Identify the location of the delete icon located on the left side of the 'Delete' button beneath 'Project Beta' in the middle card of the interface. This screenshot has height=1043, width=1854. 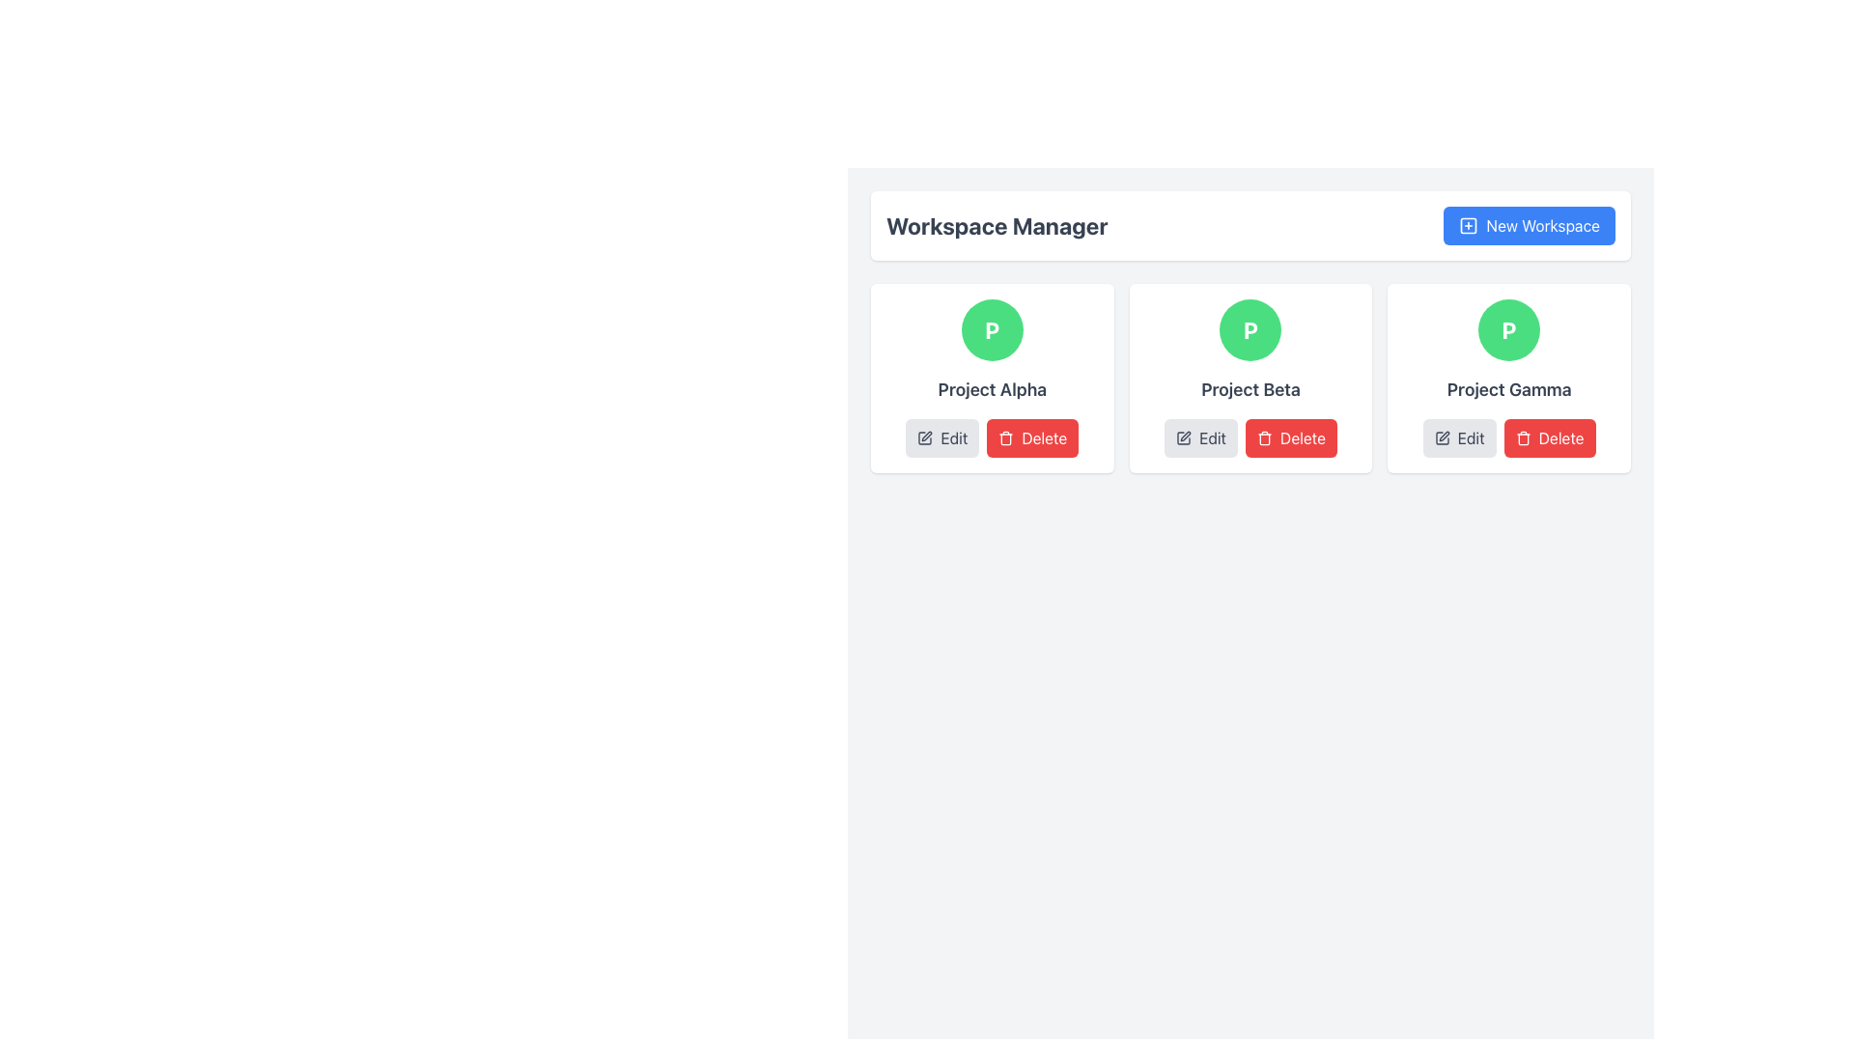
(1265, 438).